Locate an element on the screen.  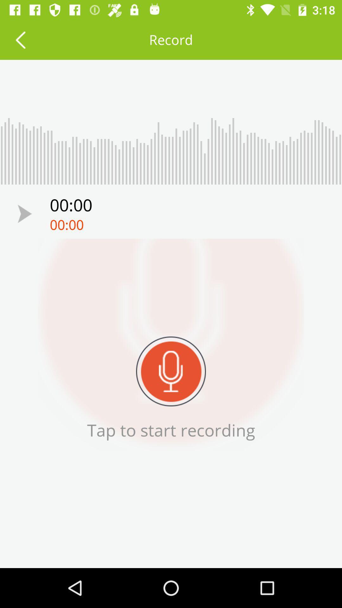
start recording is located at coordinates (24, 214).